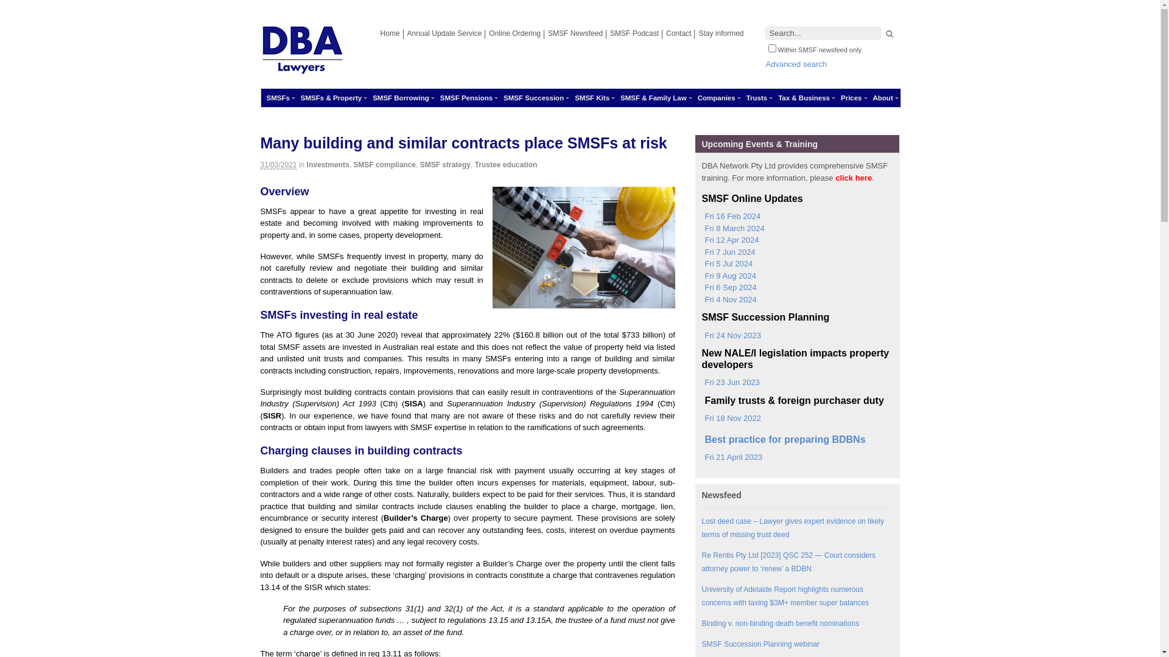 The width and height of the screenshot is (1169, 657). Describe the element at coordinates (732, 228) in the screenshot. I see `'Fri 8 March 2024'` at that location.